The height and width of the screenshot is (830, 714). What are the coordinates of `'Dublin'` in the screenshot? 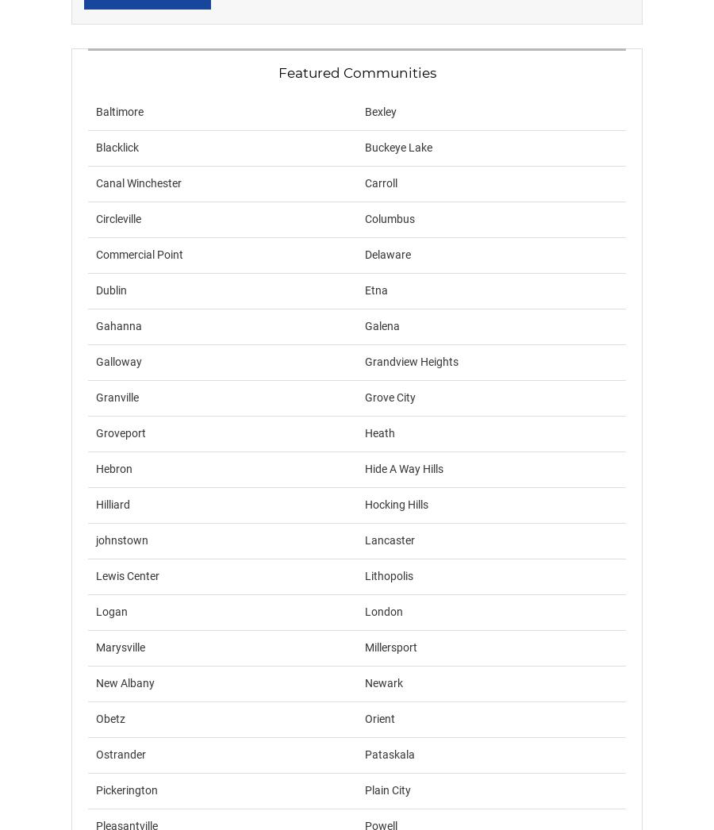 It's located at (111, 289).